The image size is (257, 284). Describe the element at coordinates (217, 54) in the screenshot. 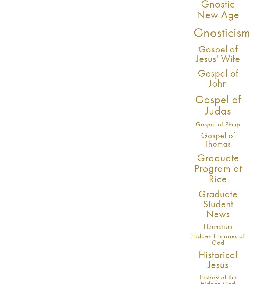

I see `'Gospel of Jesus' Wife'` at that location.